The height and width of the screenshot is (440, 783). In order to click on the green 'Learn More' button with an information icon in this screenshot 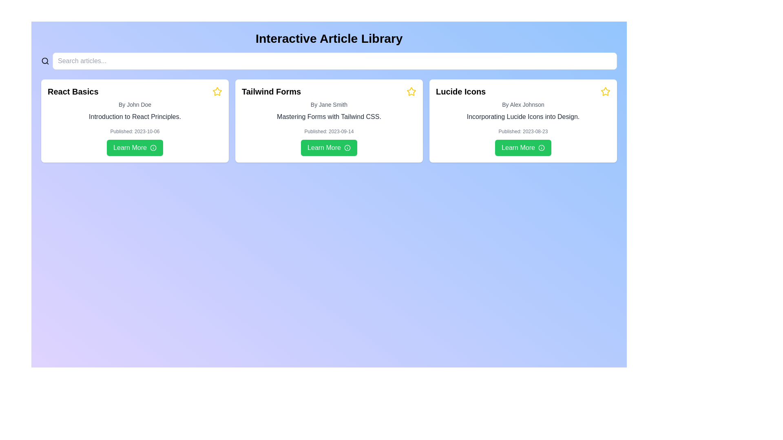, I will do `click(329, 147)`.